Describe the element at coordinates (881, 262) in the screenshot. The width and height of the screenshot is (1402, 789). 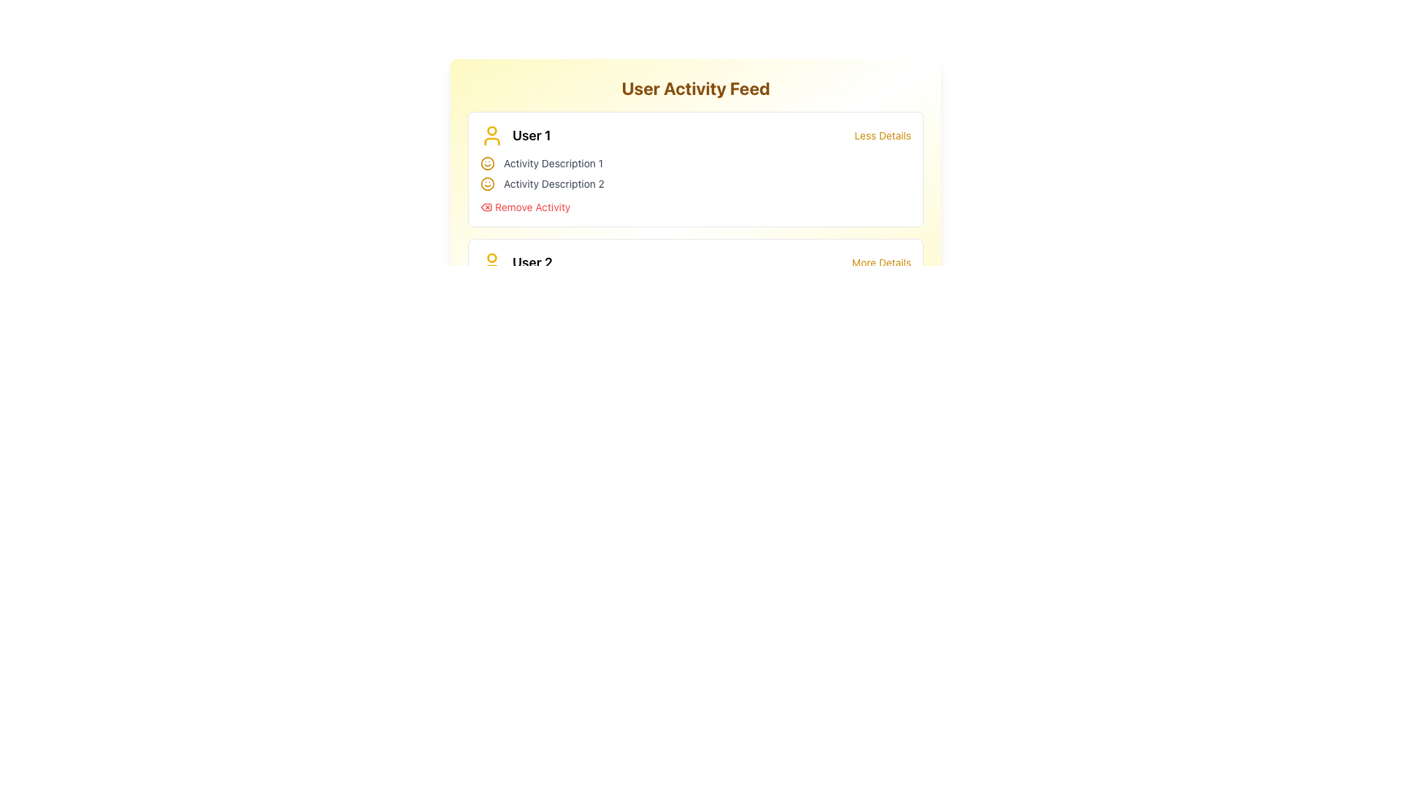
I see `the navigational hyperlink located at the top-right of the 'User 2' section` at that location.